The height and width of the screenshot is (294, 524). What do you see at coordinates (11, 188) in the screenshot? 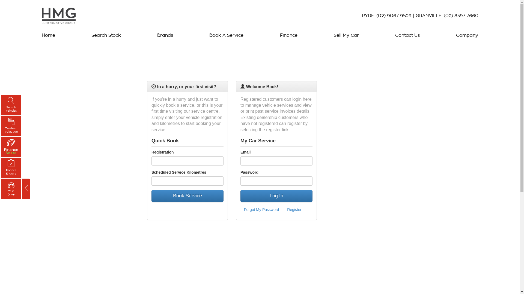
I see `'Test` at bounding box center [11, 188].